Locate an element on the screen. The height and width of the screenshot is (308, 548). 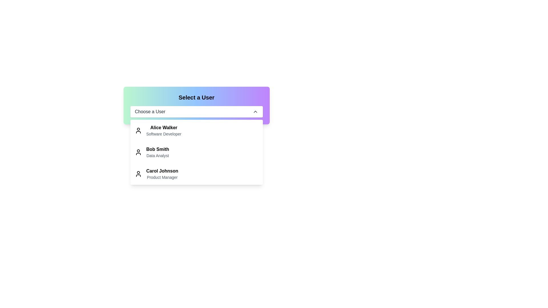
the text label indicating the professional role or title of 'Bob Smith', located directly below his name in the dropdown list of users is located at coordinates (158, 156).